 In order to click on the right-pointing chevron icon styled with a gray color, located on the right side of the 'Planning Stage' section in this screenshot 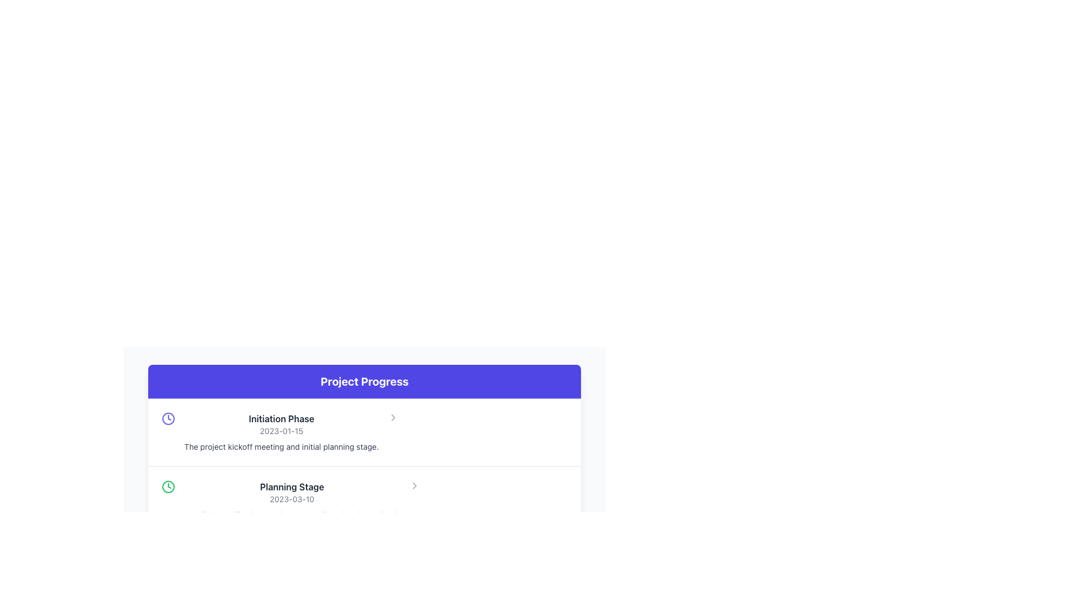, I will do `click(414, 485)`.